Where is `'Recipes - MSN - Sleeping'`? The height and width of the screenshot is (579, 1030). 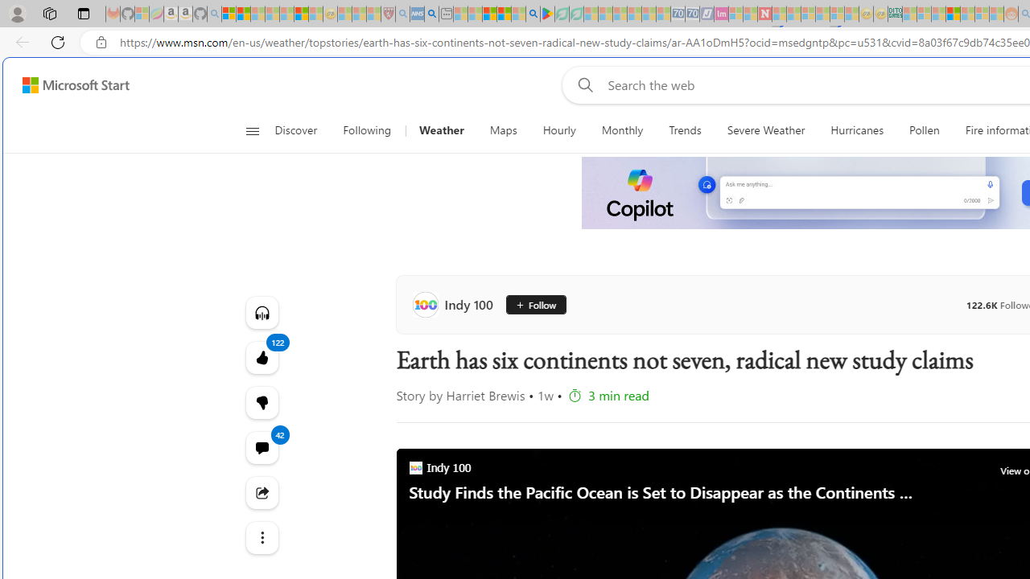 'Recipes - MSN - Sleeping' is located at coordinates (344, 14).